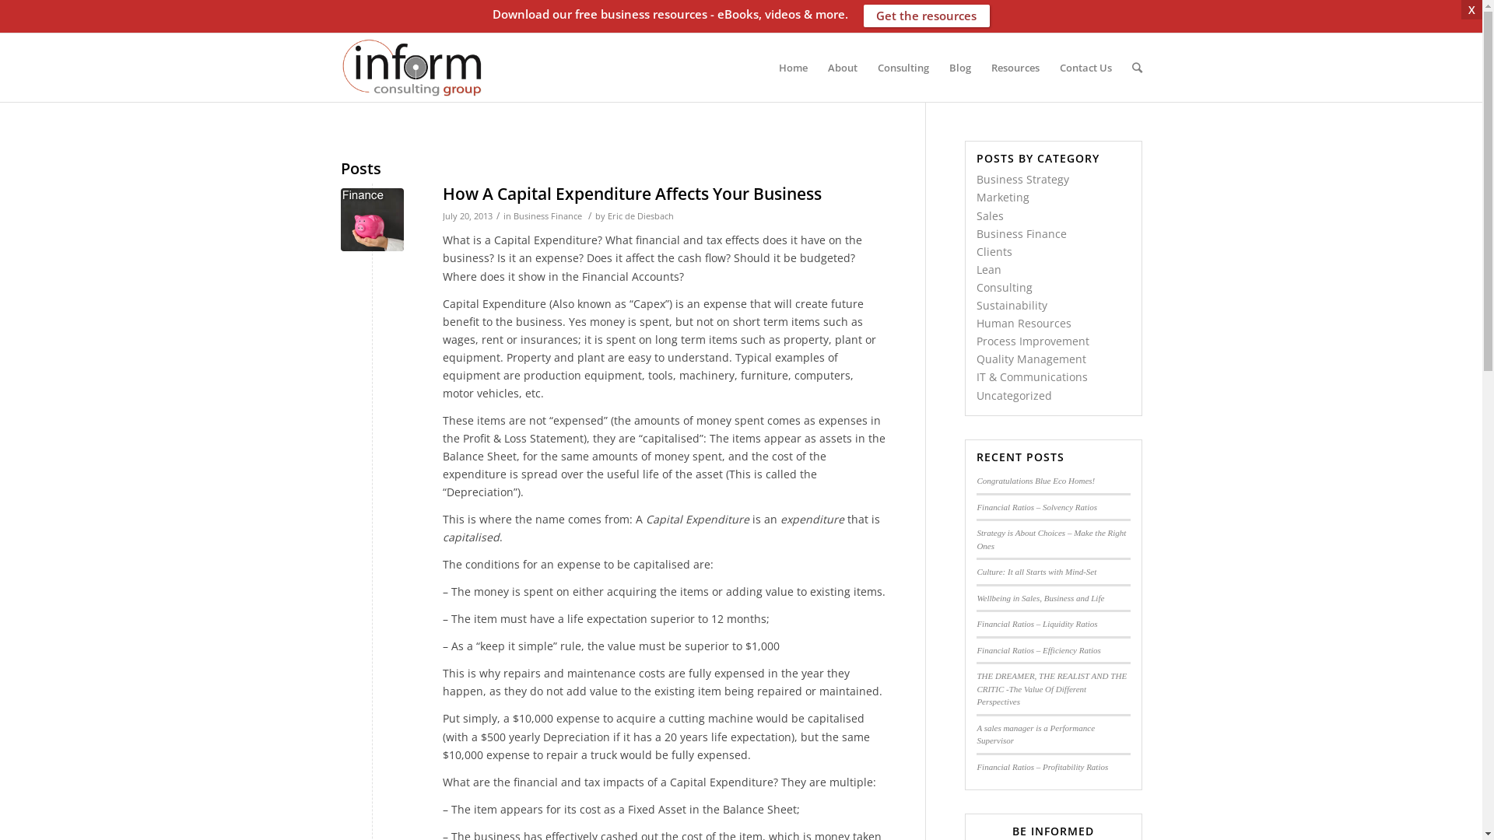 The width and height of the screenshot is (1494, 840). I want to click on 'Business Finance', so click(548, 215).